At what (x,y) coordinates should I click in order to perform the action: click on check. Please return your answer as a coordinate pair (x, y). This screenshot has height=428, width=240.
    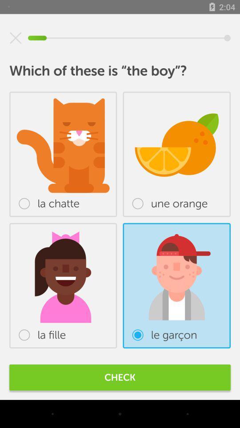
    Looking at the image, I should click on (120, 377).